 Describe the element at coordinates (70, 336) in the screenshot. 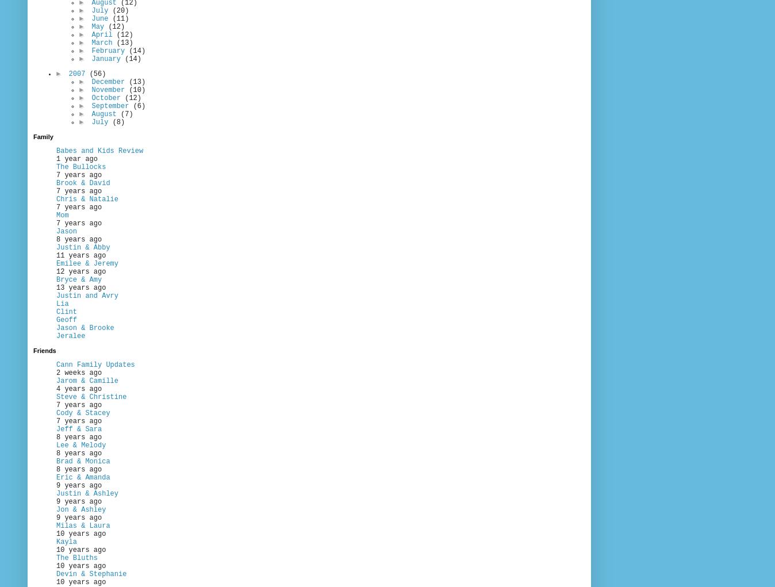

I see `'Jeralee'` at that location.